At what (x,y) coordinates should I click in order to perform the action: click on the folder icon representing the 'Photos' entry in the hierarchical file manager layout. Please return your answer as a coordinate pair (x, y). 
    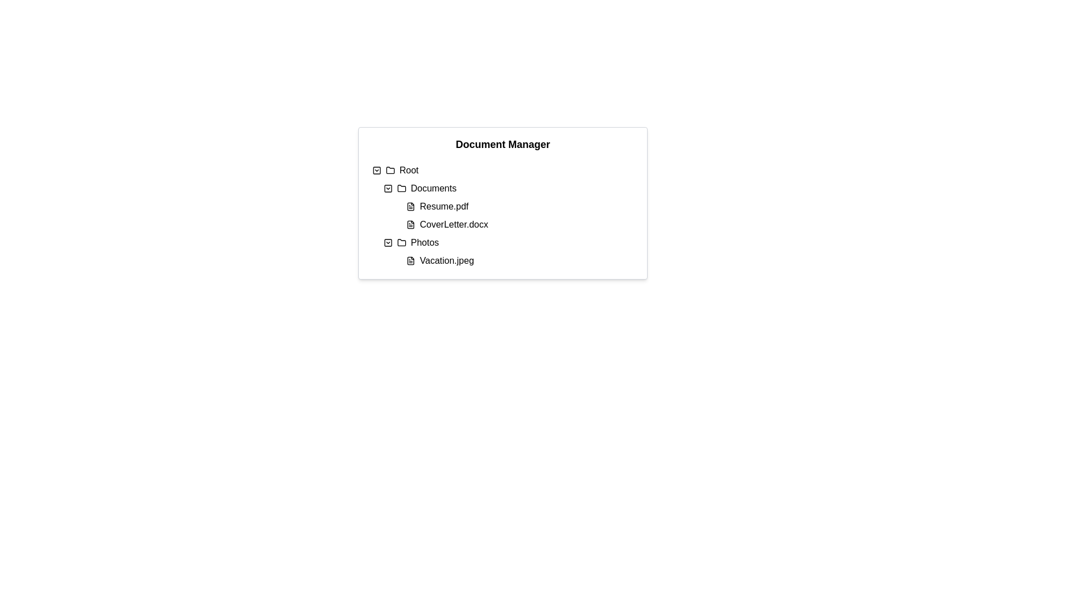
    Looking at the image, I should click on (401, 242).